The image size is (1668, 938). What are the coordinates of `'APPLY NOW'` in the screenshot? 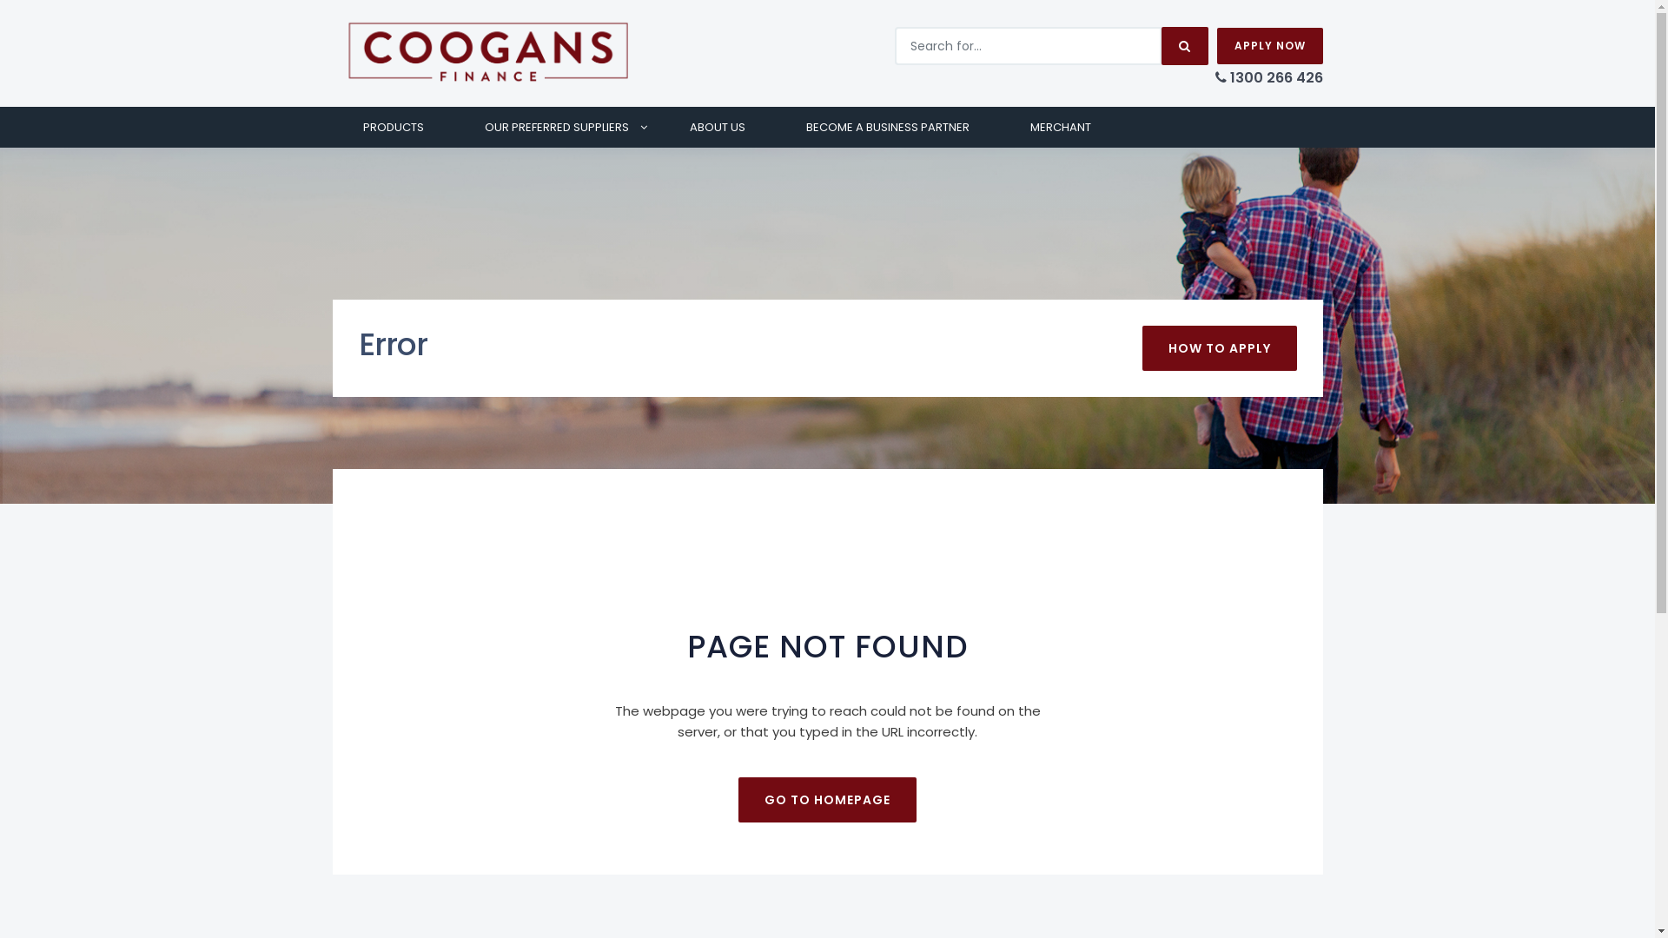 It's located at (1268, 45).